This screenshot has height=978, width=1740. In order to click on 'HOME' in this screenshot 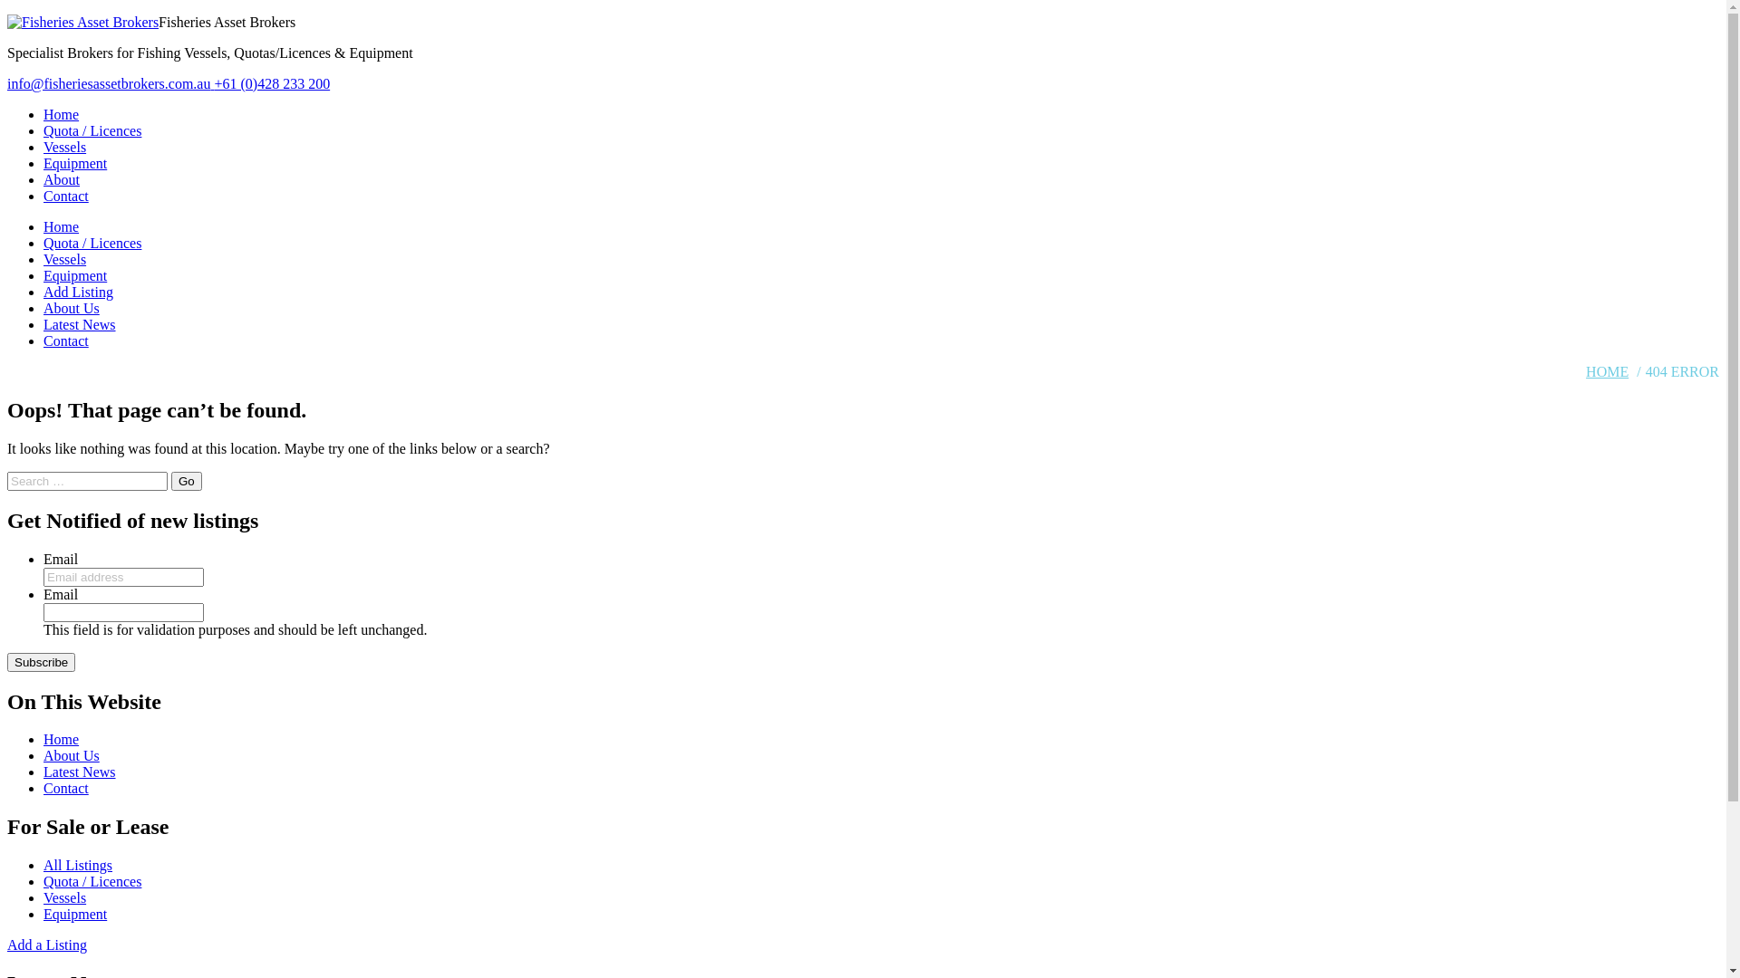, I will do `click(1607, 370)`.